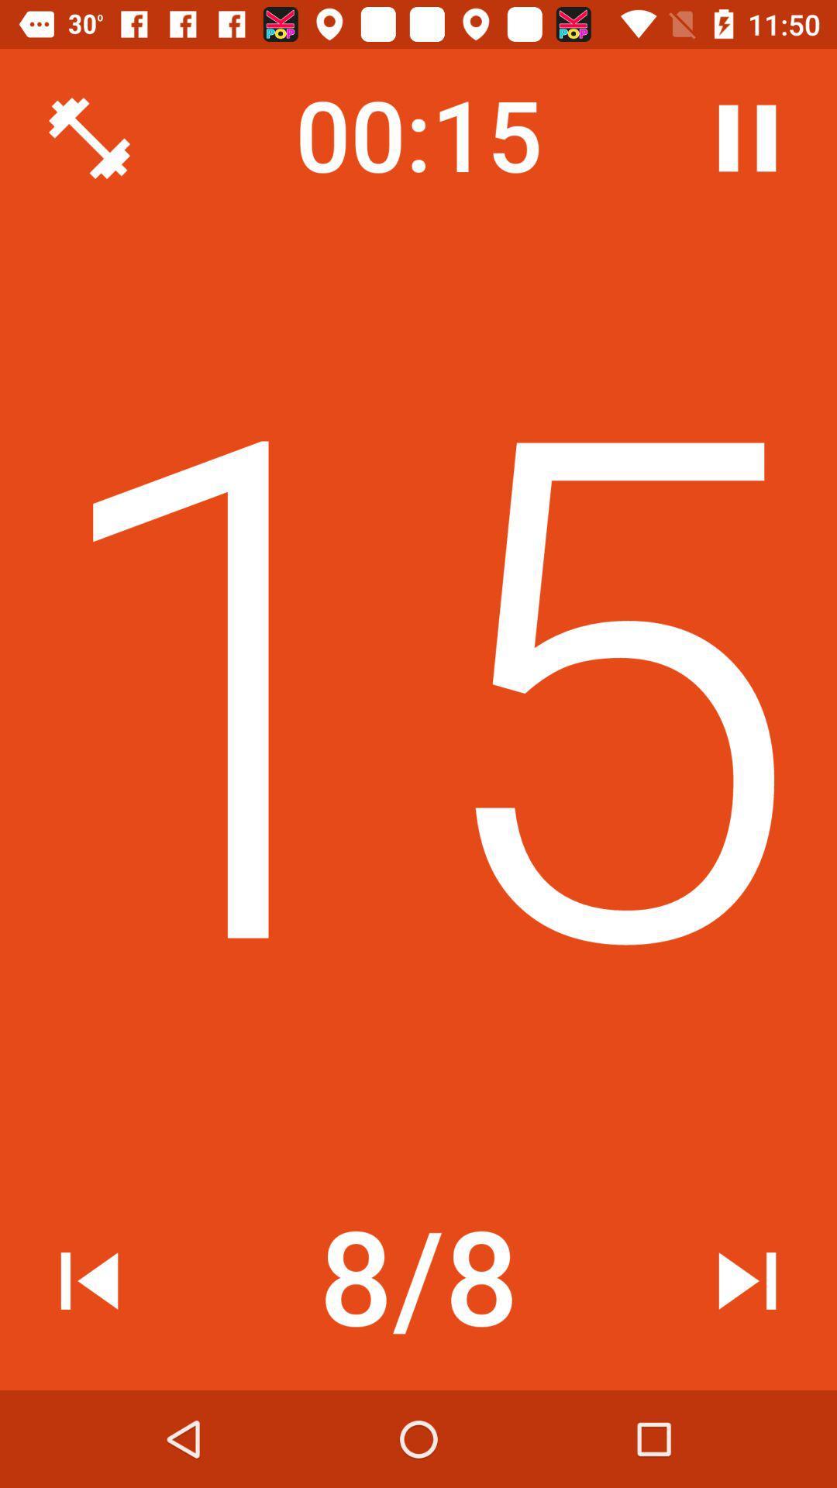 The height and width of the screenshot is (1488, 837). I want to click on icon at the top left corner, so click(89, 138).